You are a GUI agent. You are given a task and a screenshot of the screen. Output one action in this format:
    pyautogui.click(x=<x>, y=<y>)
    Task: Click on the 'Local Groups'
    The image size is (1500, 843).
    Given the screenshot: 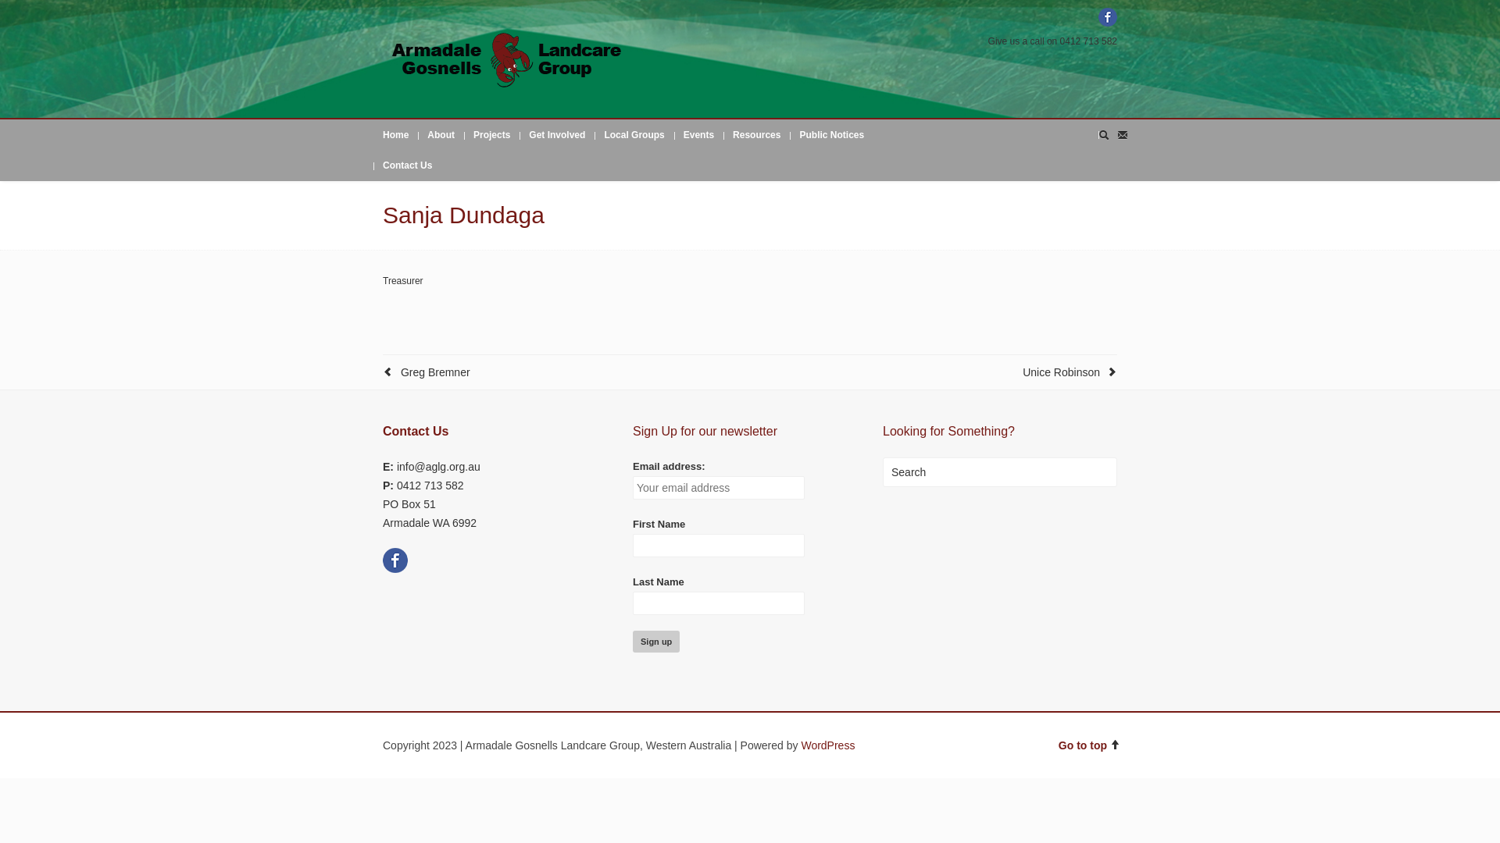 What is the action you would take?
    pyautogui.click(x=594, y=134)
    